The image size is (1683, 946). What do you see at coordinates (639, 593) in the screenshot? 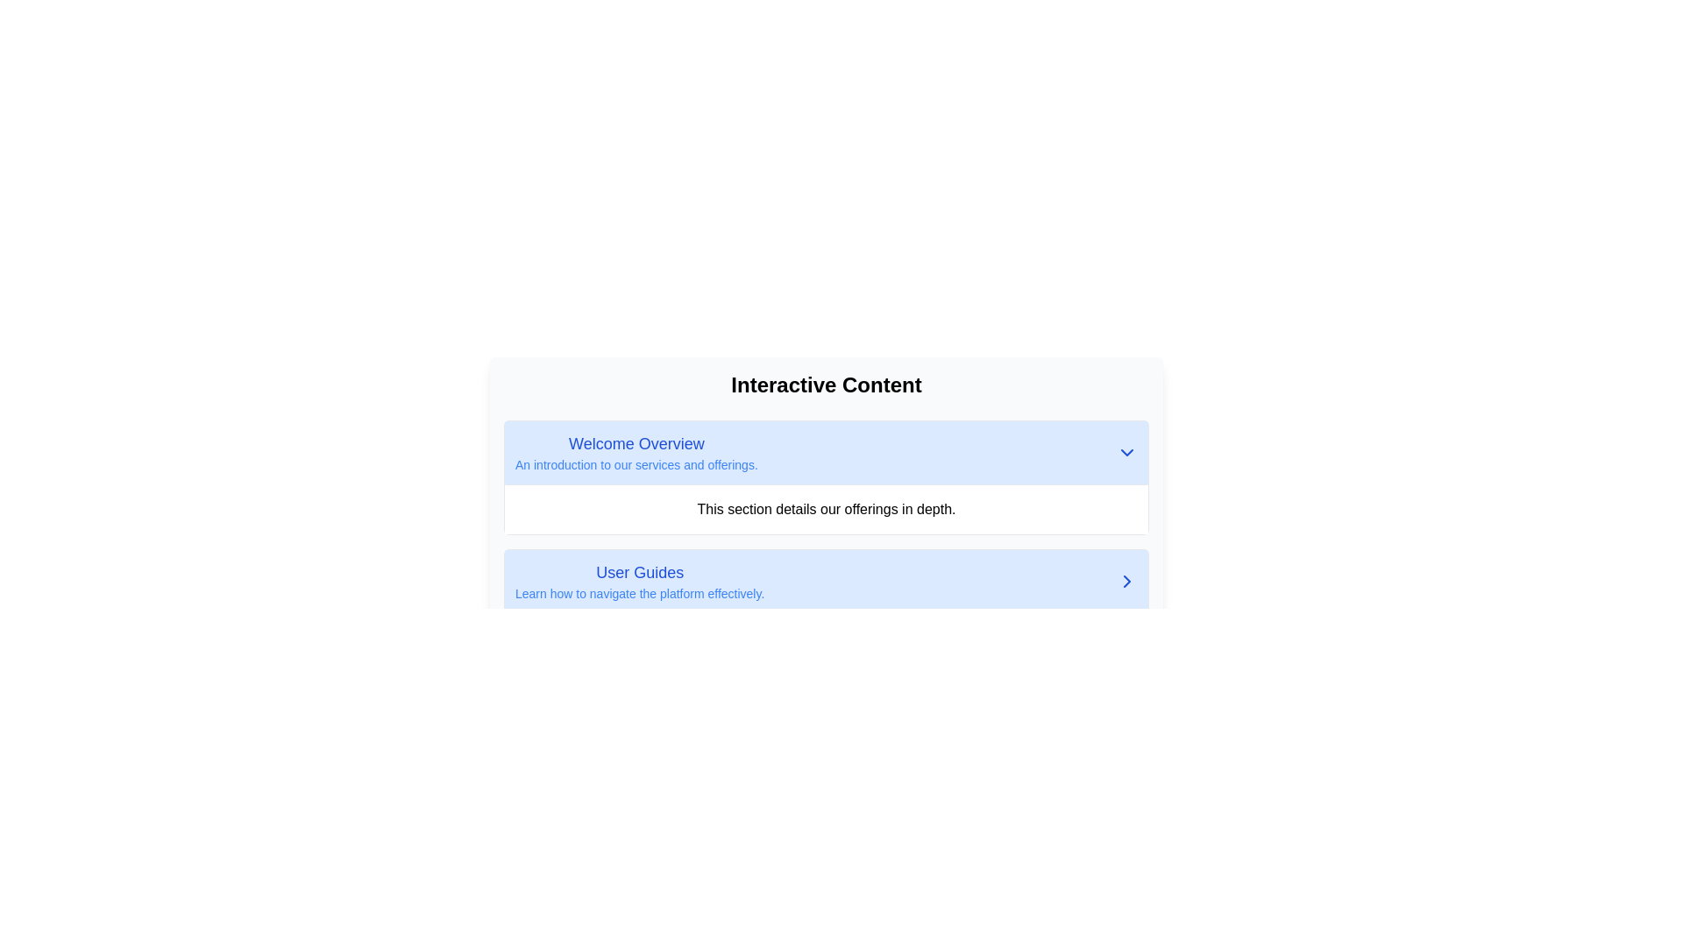
I see `the informational text label located below the 'User Guides' heading, which is part of a light blue section` at bounding box center [639, 593].